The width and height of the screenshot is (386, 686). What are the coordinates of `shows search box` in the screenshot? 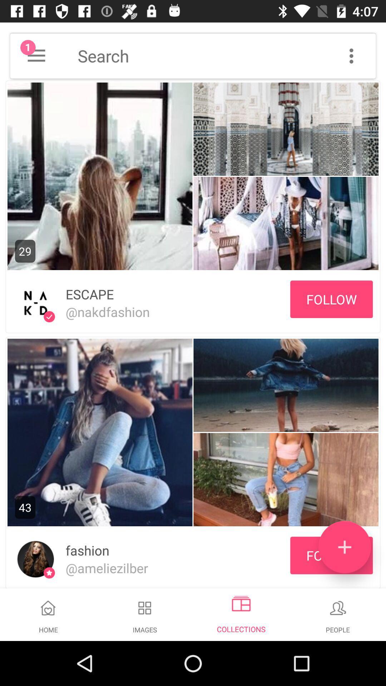 It's located at (227, 55).